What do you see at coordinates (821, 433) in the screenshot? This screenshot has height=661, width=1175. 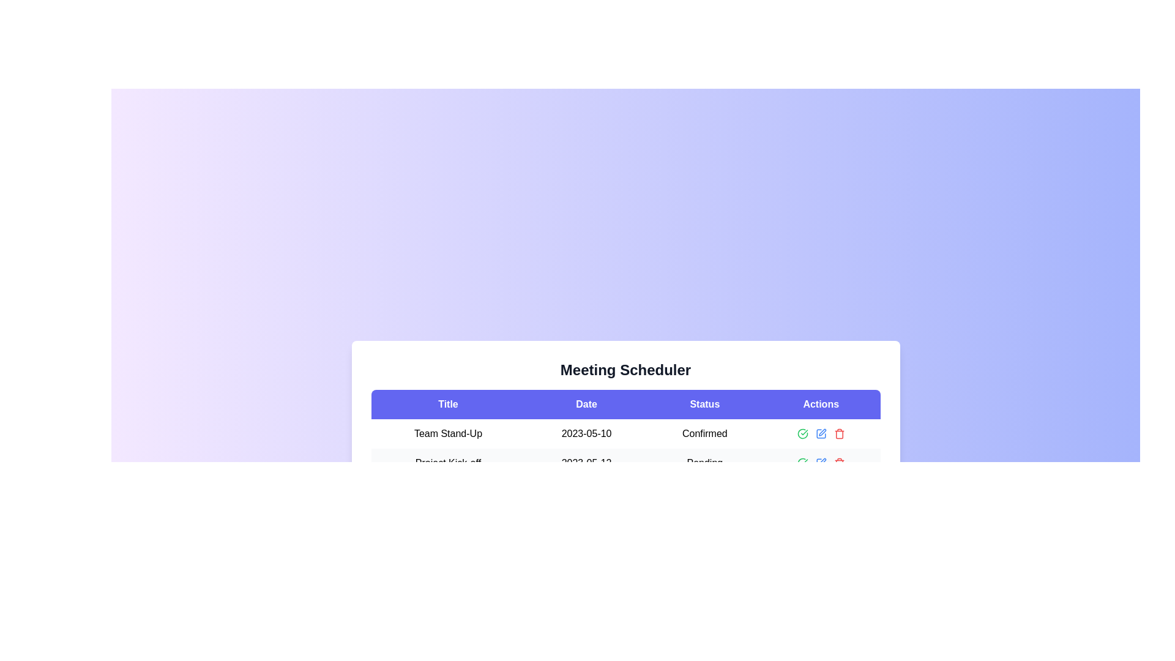 I see `the blue pencil icon in the group of interactive icons under the 'Actions' header for the 'Team Stand-Up' row` at bounding box center [821, 433].